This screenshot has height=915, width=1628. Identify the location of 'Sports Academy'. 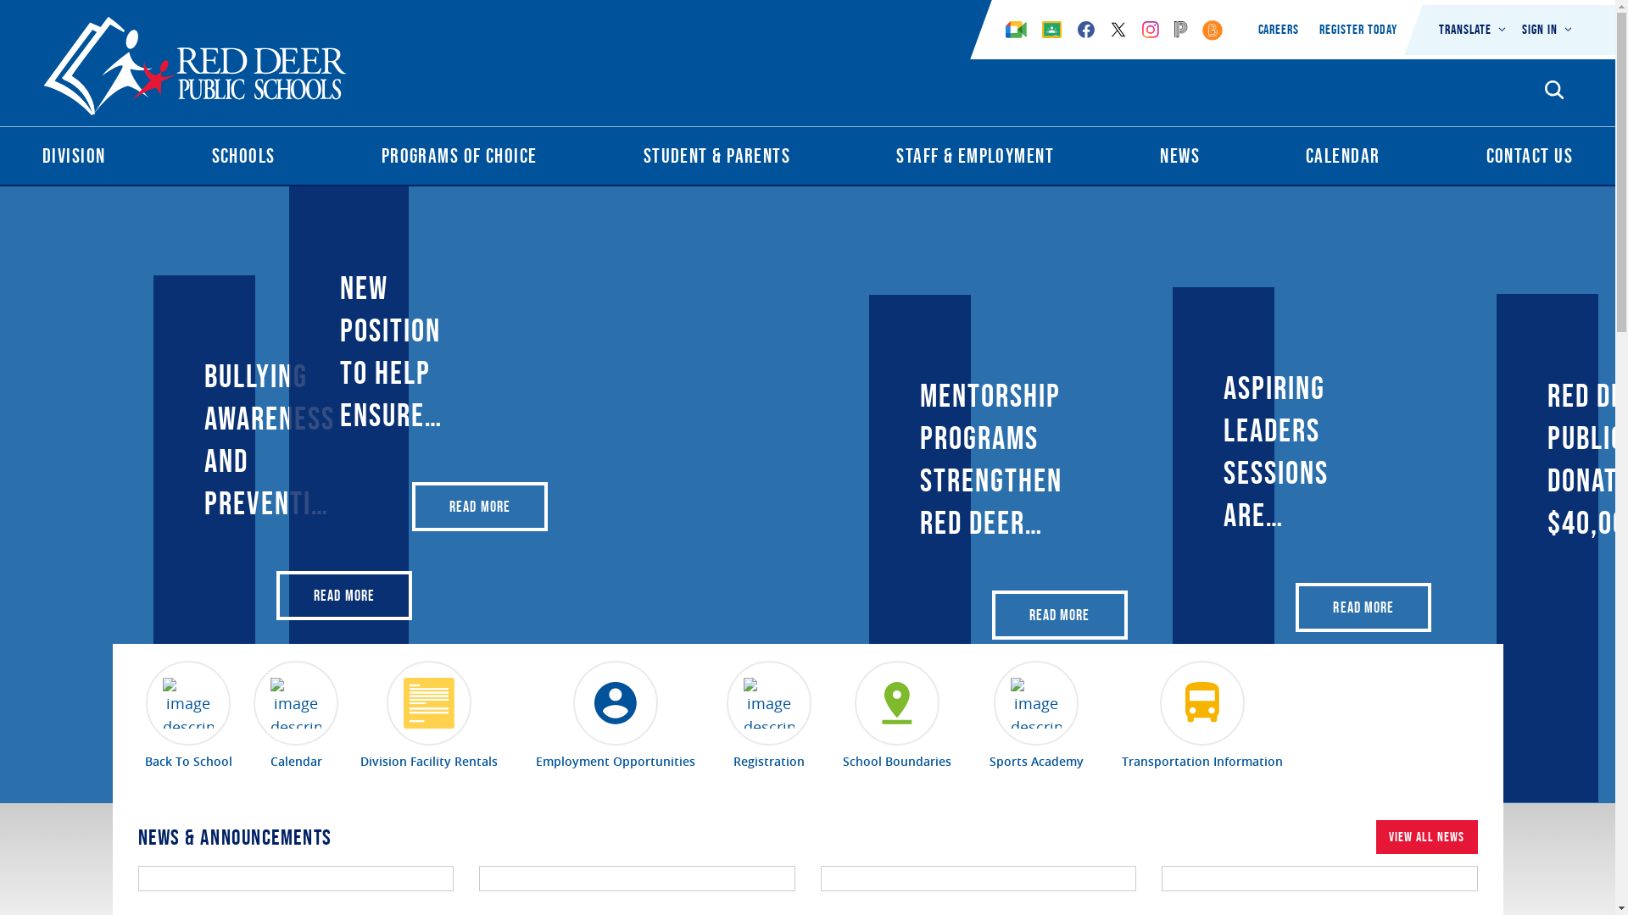
(1034, 715).